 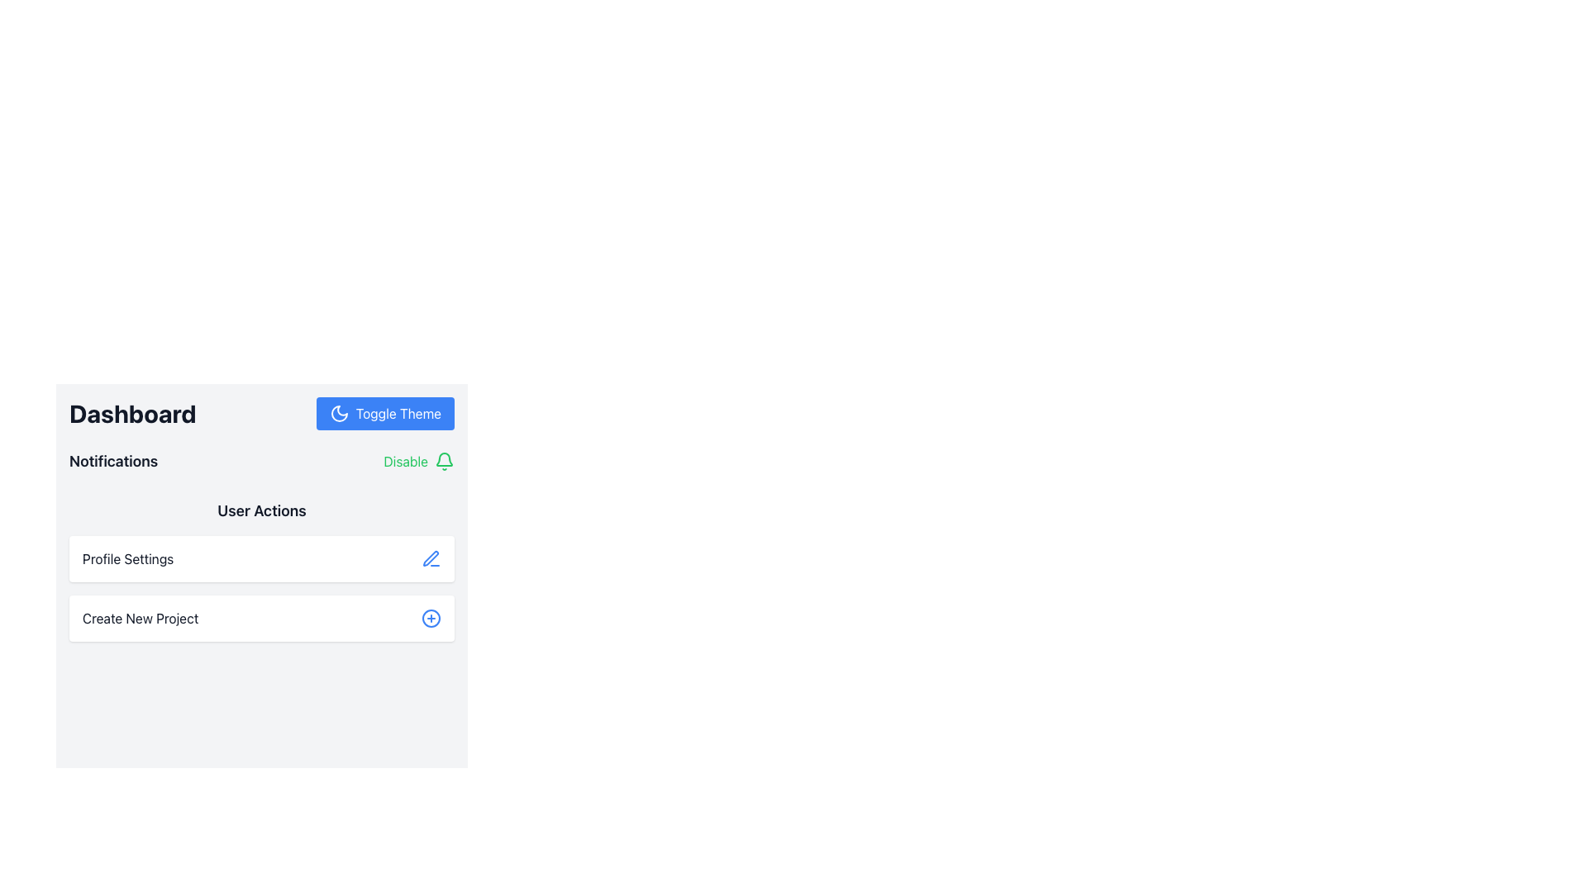 I want to click on the 'Create New Project' button located on the right side within the 'User Actions' section to initiate a new project creation, so click(x=431, y=618).